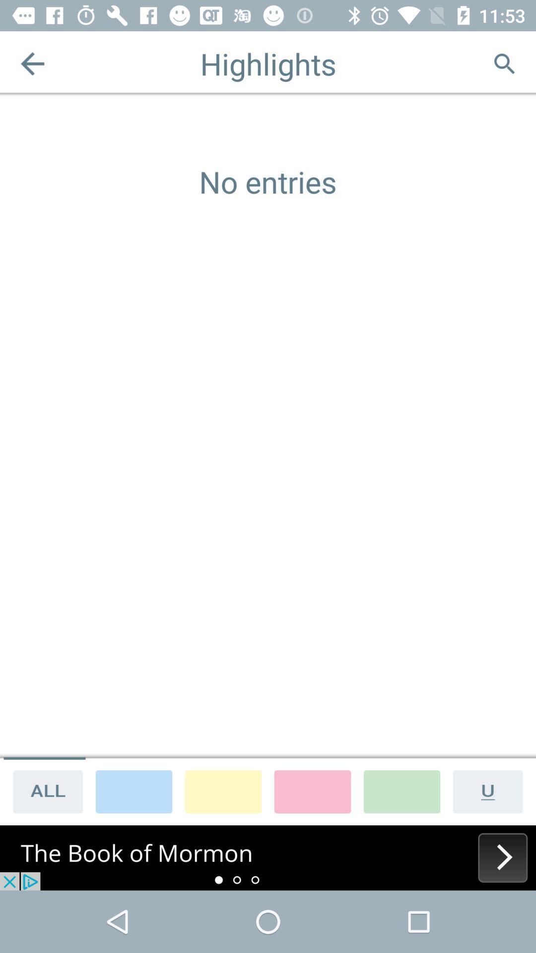 This screenshot has height=953, width=536. I want to click on choose yellow as background color, so click(223, 791).